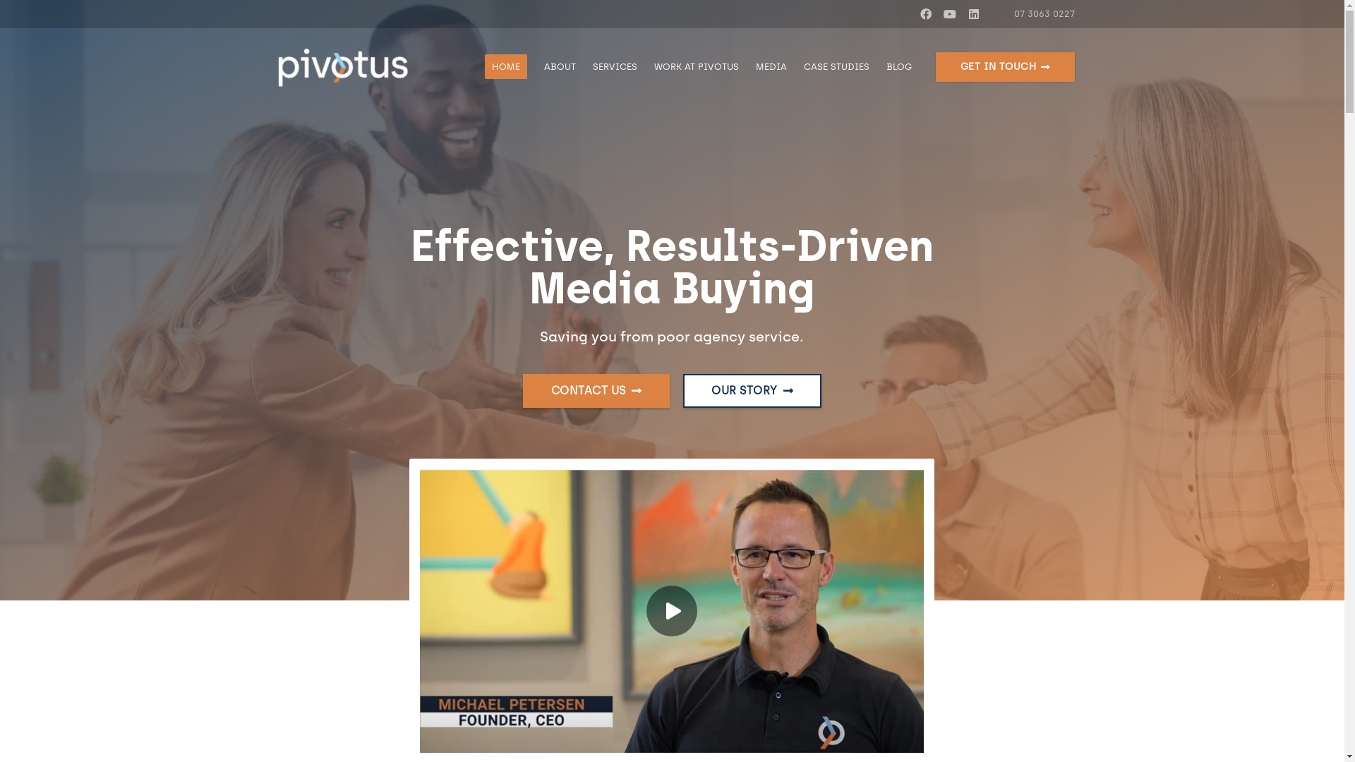 Image resolution: width=1355 pixels, height=762 pixels. I want to click on 'WORK AT PIVOTUS', so click(697, 67).